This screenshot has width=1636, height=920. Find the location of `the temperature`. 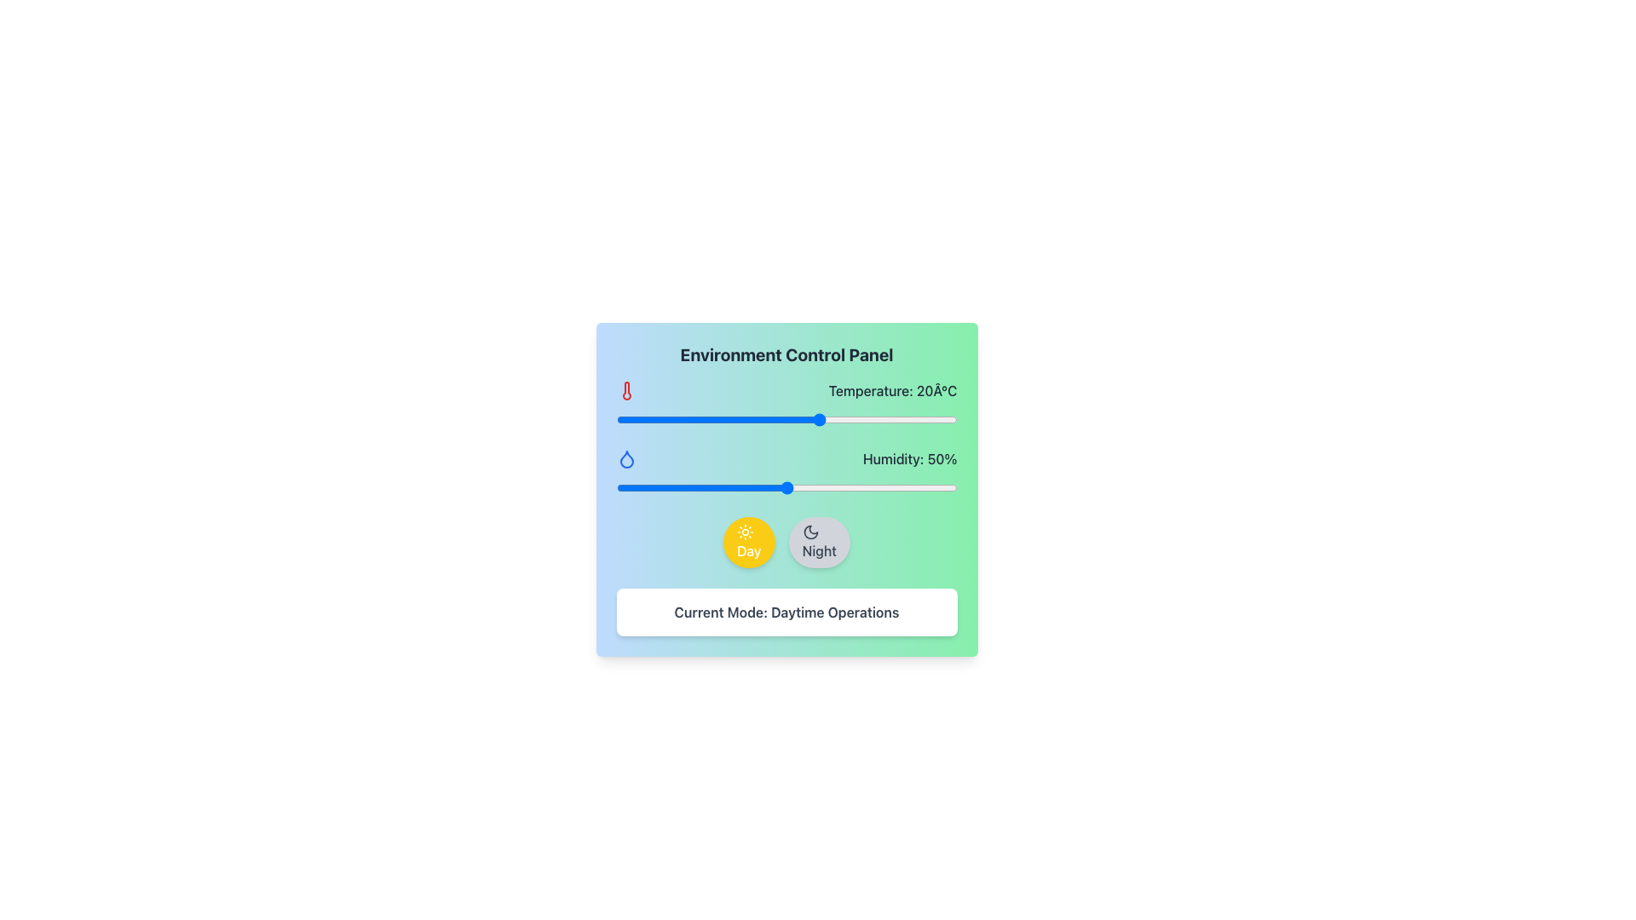

the temperature is located at coordinates (806, 420).